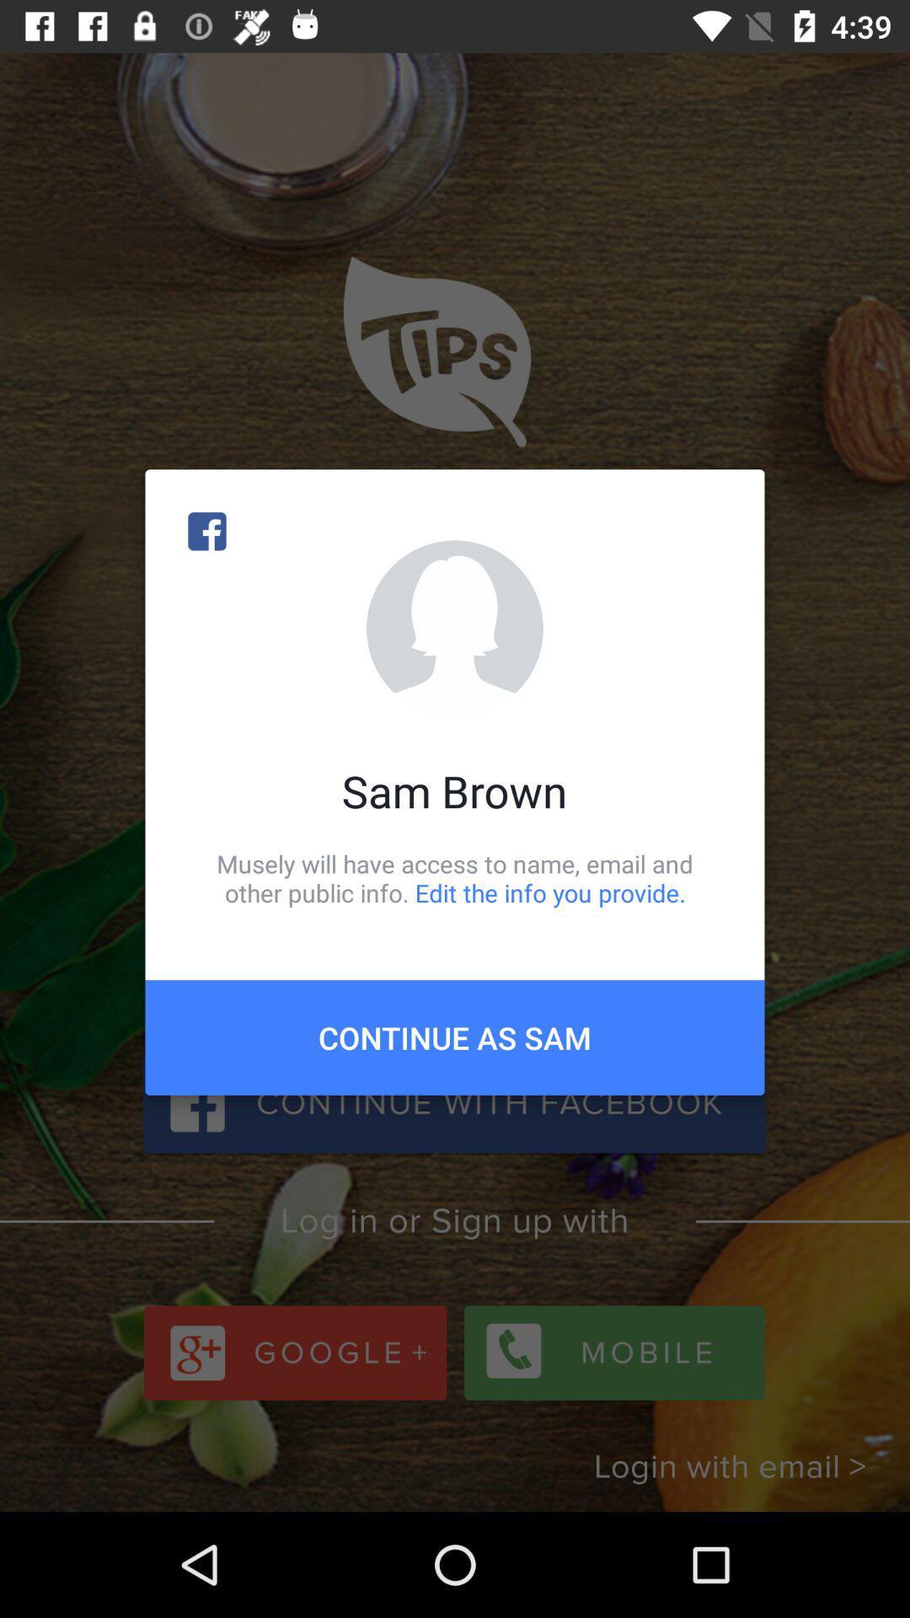 The image size is (910, 1618). Describe the element at coordinates (455, 1037) in the screenshot. I see `continue as sam item` at that location.